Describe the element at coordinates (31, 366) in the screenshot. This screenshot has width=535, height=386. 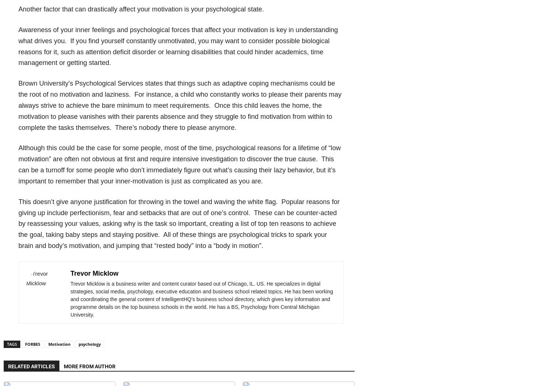
I see `'RELATED ARTICLES'` at that location.